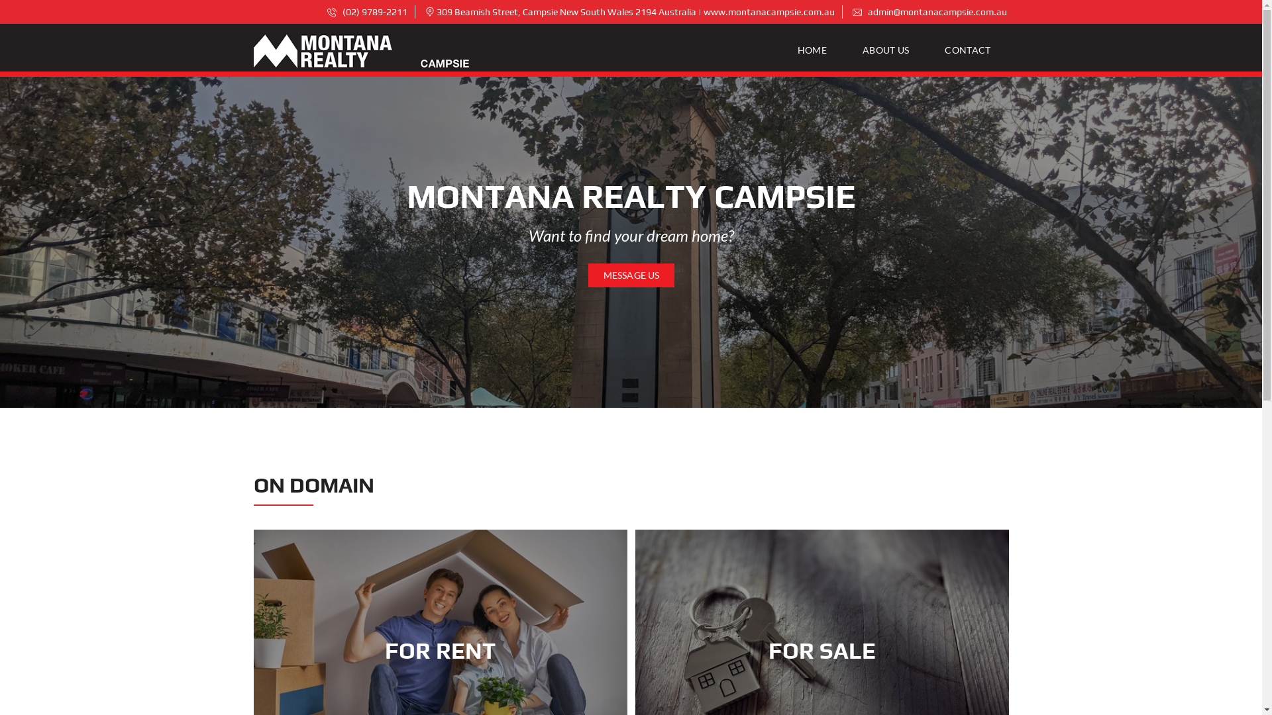  I want to click on 'HOME', so click(817, 50).